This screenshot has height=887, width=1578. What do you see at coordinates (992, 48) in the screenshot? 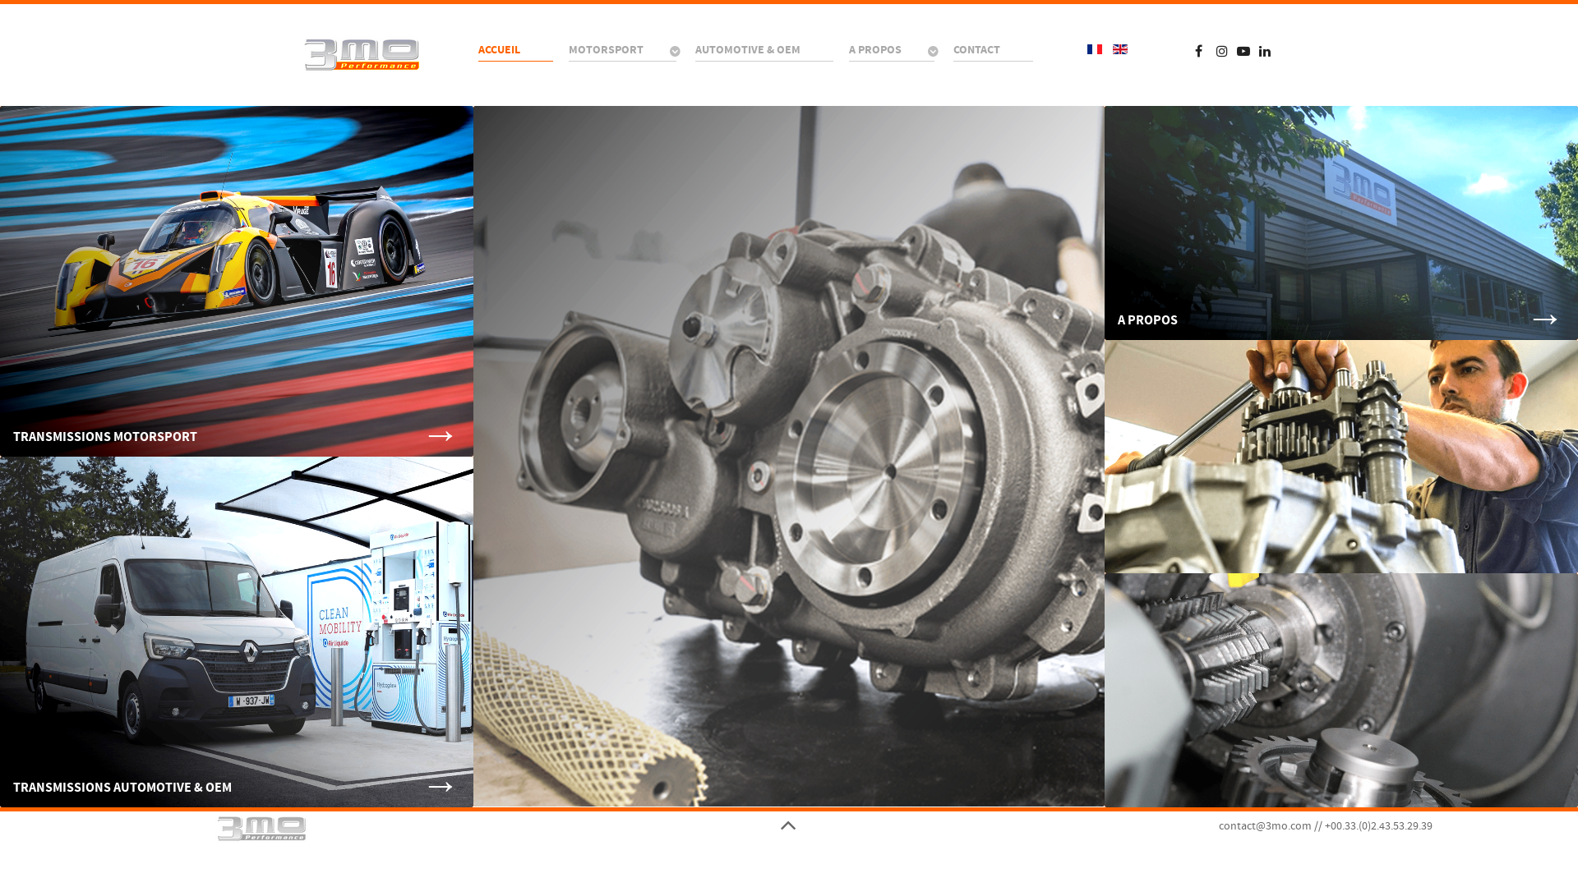
I see `'CONTACT'` at bounding box center [992, 48].